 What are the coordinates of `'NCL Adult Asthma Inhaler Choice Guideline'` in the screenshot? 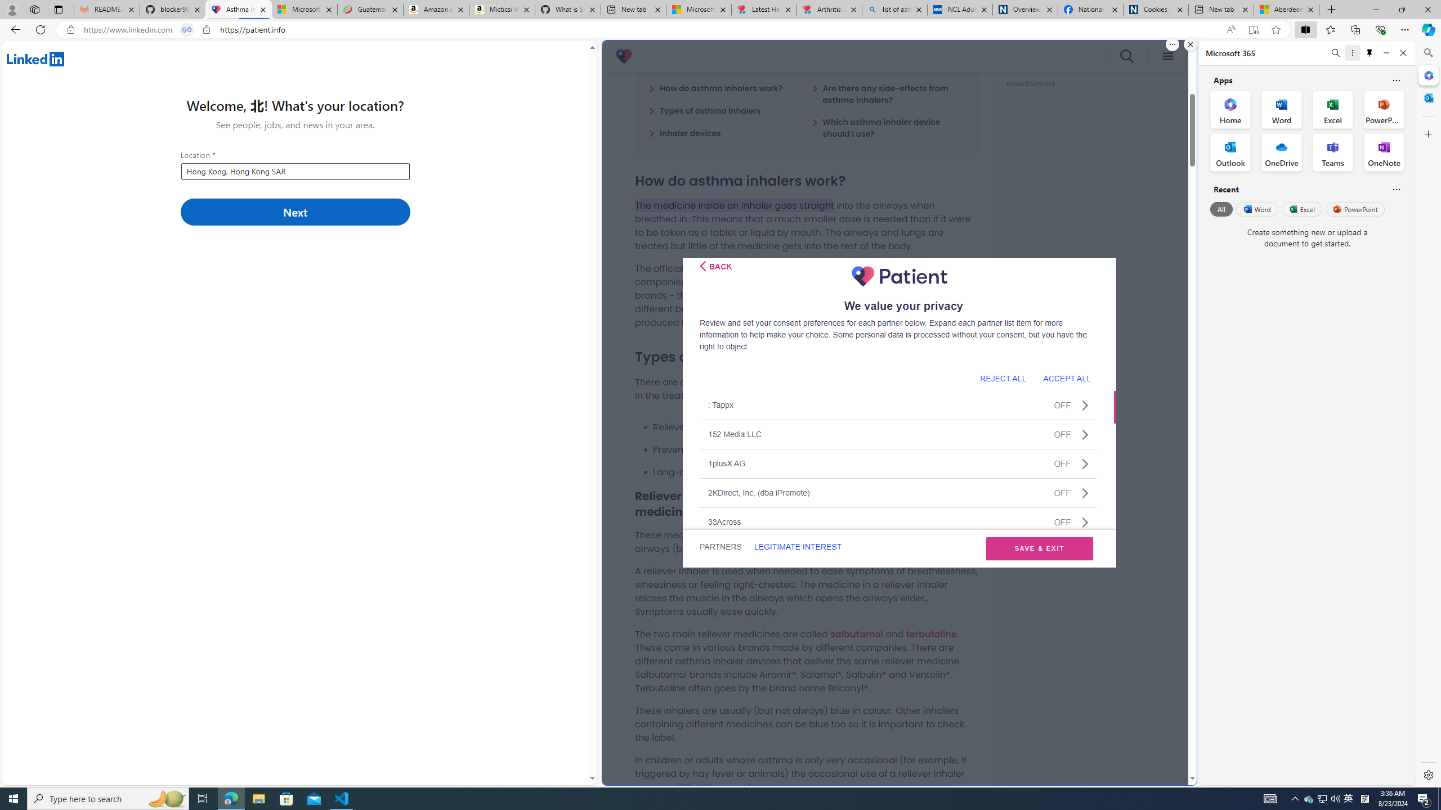 It's located at (959, 9).